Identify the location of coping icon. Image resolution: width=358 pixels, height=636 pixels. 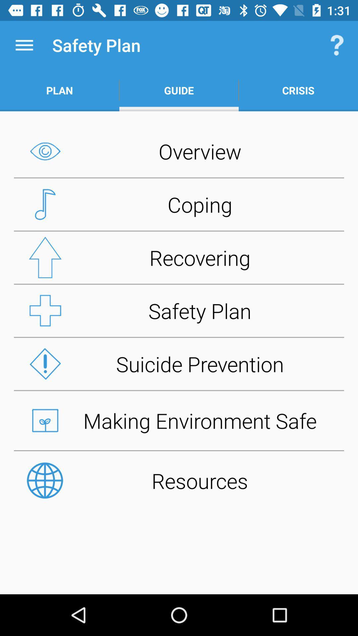
(179, 204).